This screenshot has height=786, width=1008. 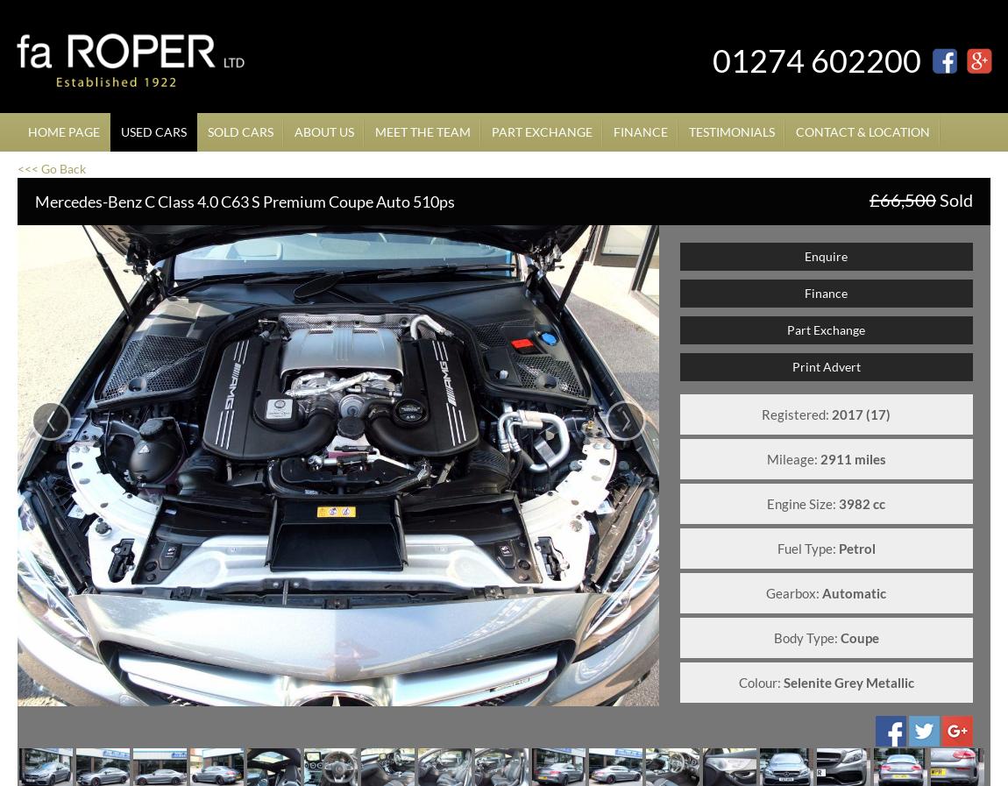 What do you see at coordinates (903, 199) in the screenshot?
I see `'£66,500'` at bounding box center [903, 199].